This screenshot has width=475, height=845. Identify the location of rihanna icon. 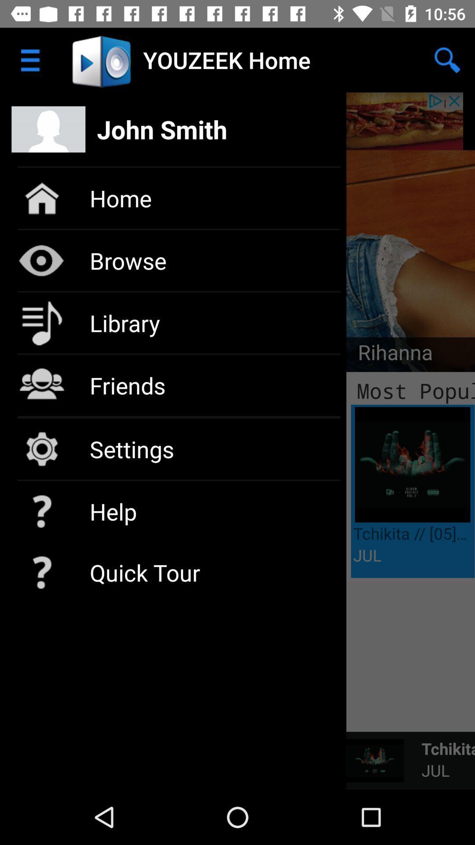
(389, 355).